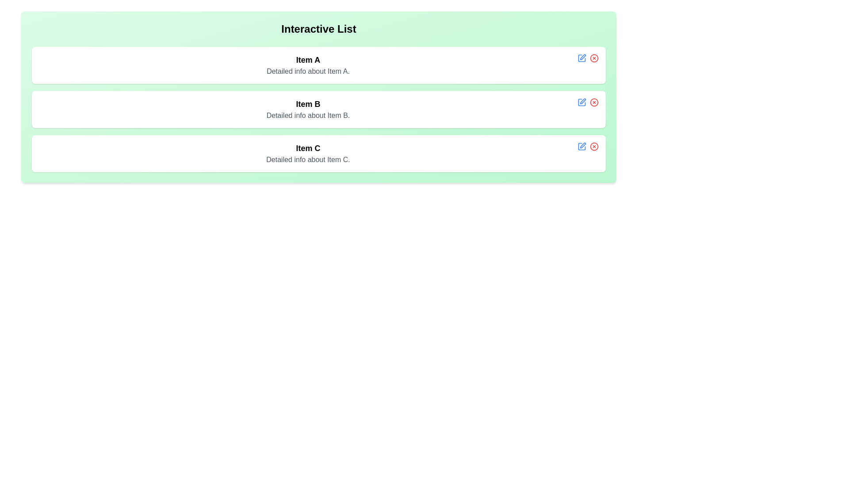 This screenshot has width=849, height=477. I want to click on the circular red 'X' button with a minimalist design located to the right of 'Item B', so click(594, 102).